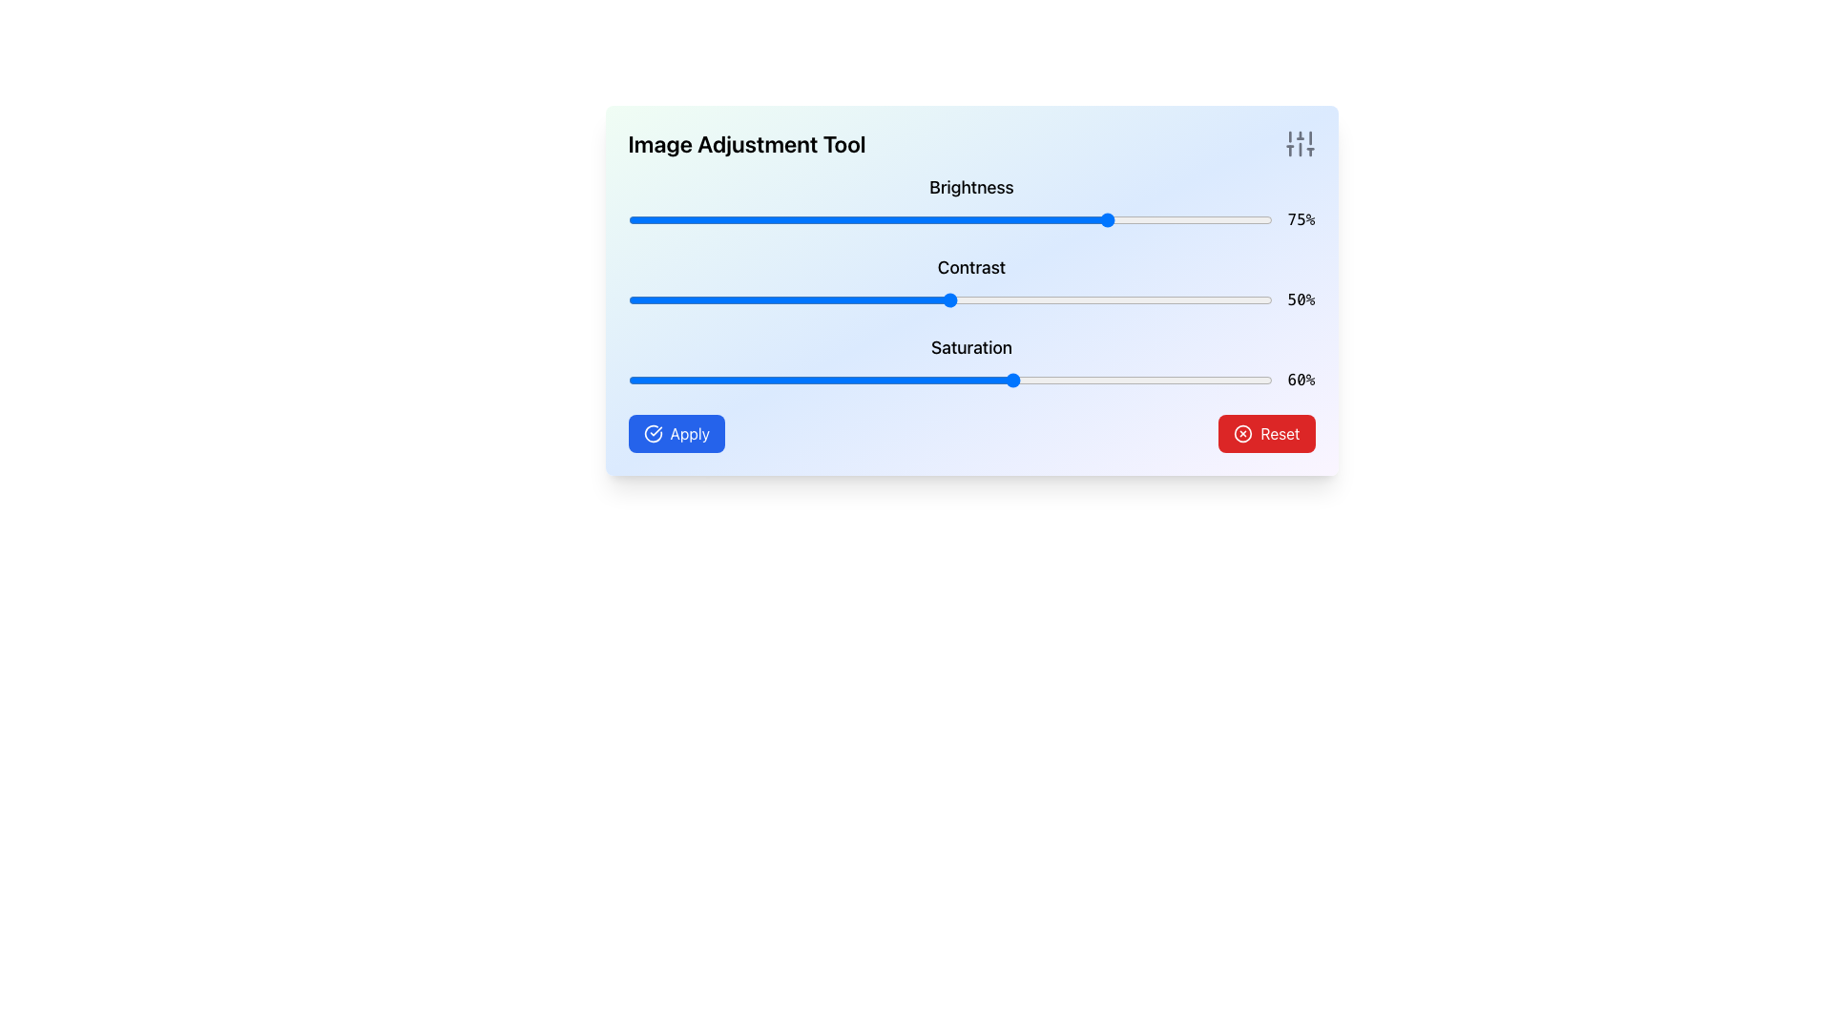 The image size is (1832, 1030). What do you see at coordinates (689, 434) in the screenshot?
I see `the text label displaying 'Apply' which is styled to resemble a button with a blue background and white text, located at the bottom-left corner of the interface` at bounding box center [689, 434].